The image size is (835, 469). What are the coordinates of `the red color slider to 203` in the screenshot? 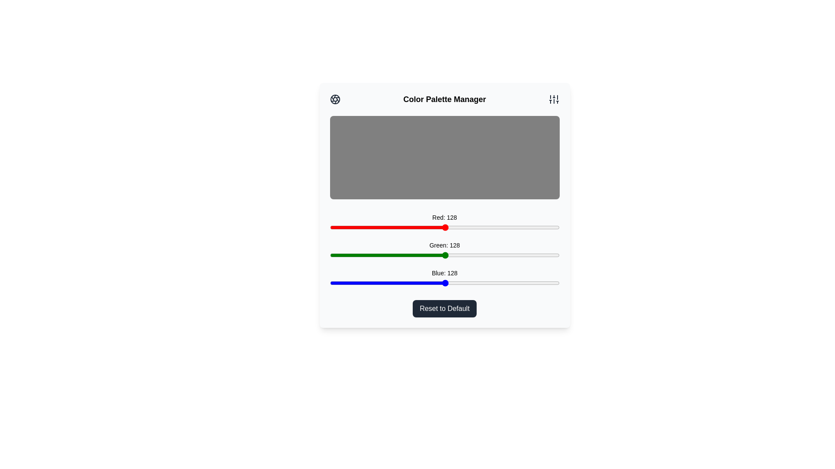 It's located at (512, 227).